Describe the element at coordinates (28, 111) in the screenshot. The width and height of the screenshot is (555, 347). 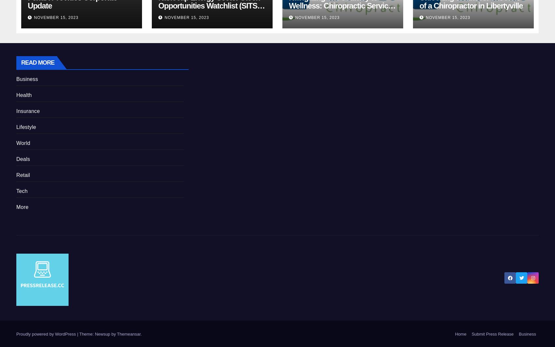
I see `'Insurance'` at that location.